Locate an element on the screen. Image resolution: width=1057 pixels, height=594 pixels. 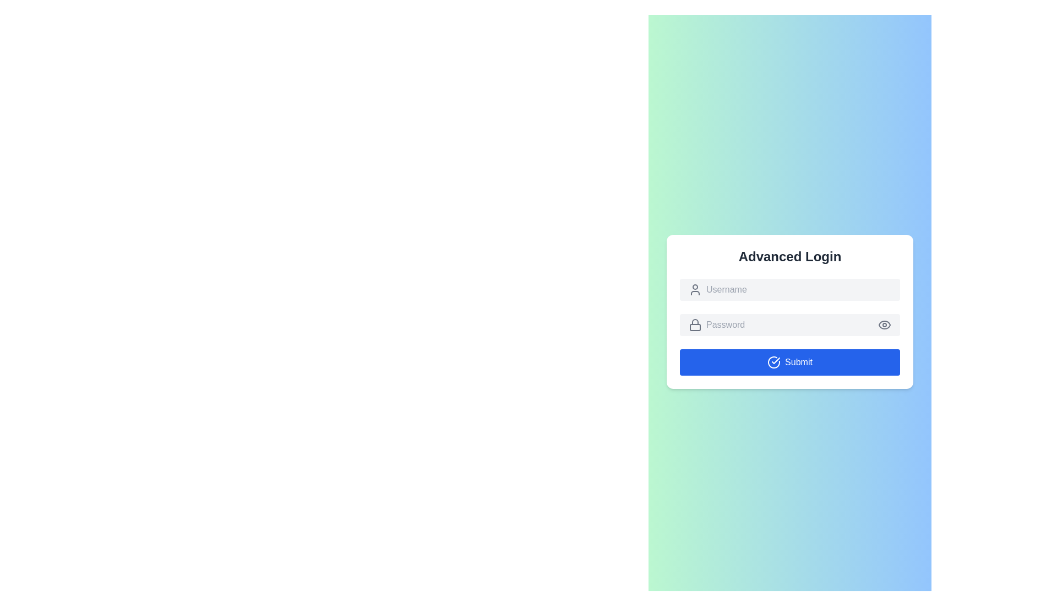
the user silhouette icon located to the left of the 'Username' input field in the login form is located at coordinates (694, 289).